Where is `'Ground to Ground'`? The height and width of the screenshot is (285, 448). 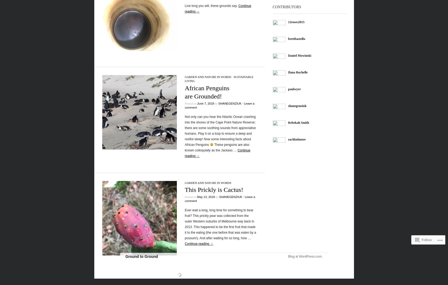 'Ground to Ground' is located at coordinates (125, 256).